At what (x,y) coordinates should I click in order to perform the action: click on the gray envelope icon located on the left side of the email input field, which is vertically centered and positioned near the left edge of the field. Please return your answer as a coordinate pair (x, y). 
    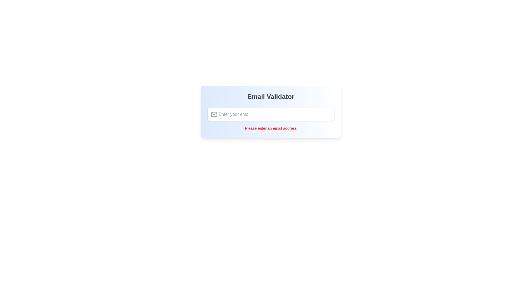
    Looking at the image, I should click on (214, 114).